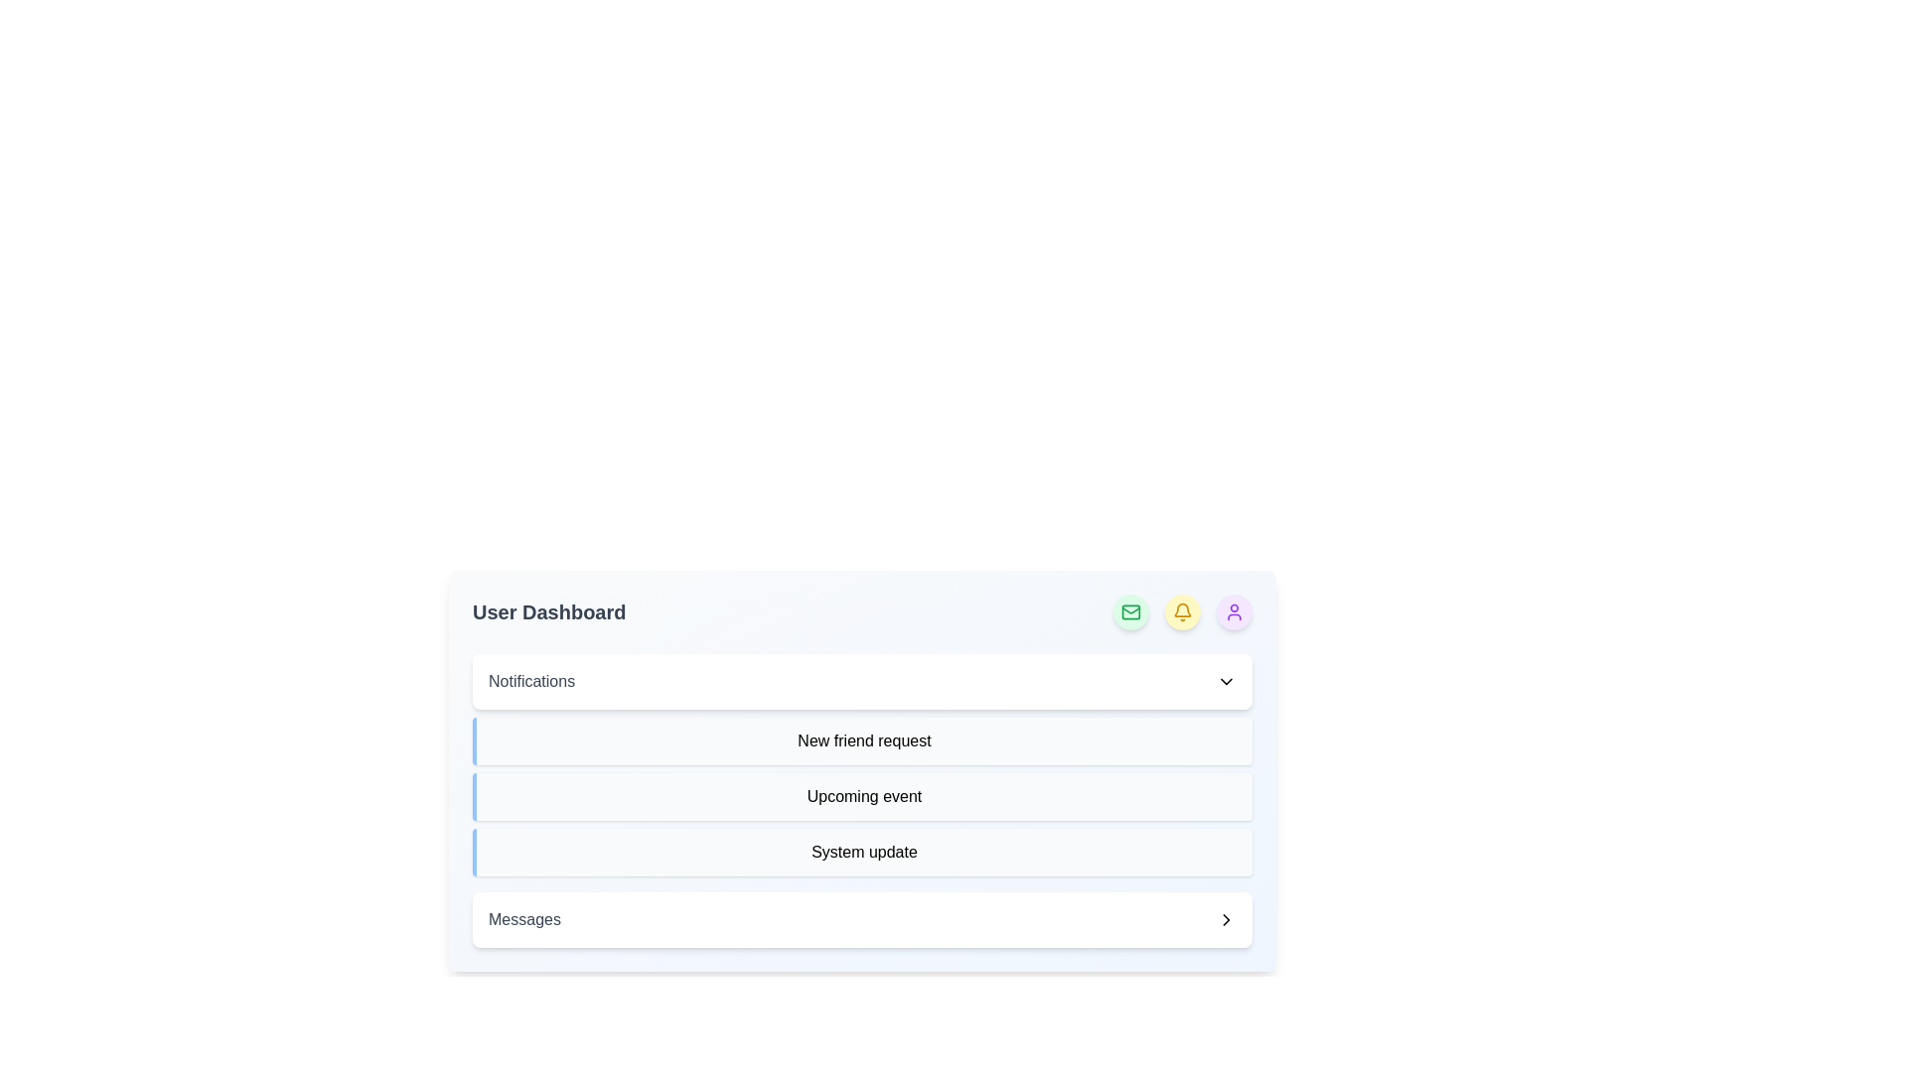  Describe the element at coordinates (1182, 611) in the screenshot. I see `the notification button located in the top-right area of the user dashboard interface, positioned between a green envelope icon button and a purple user avatar icon button` at that location.